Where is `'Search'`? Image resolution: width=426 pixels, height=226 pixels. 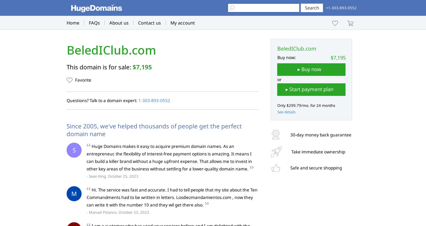
'Search' is located at coordinates (304, 7).